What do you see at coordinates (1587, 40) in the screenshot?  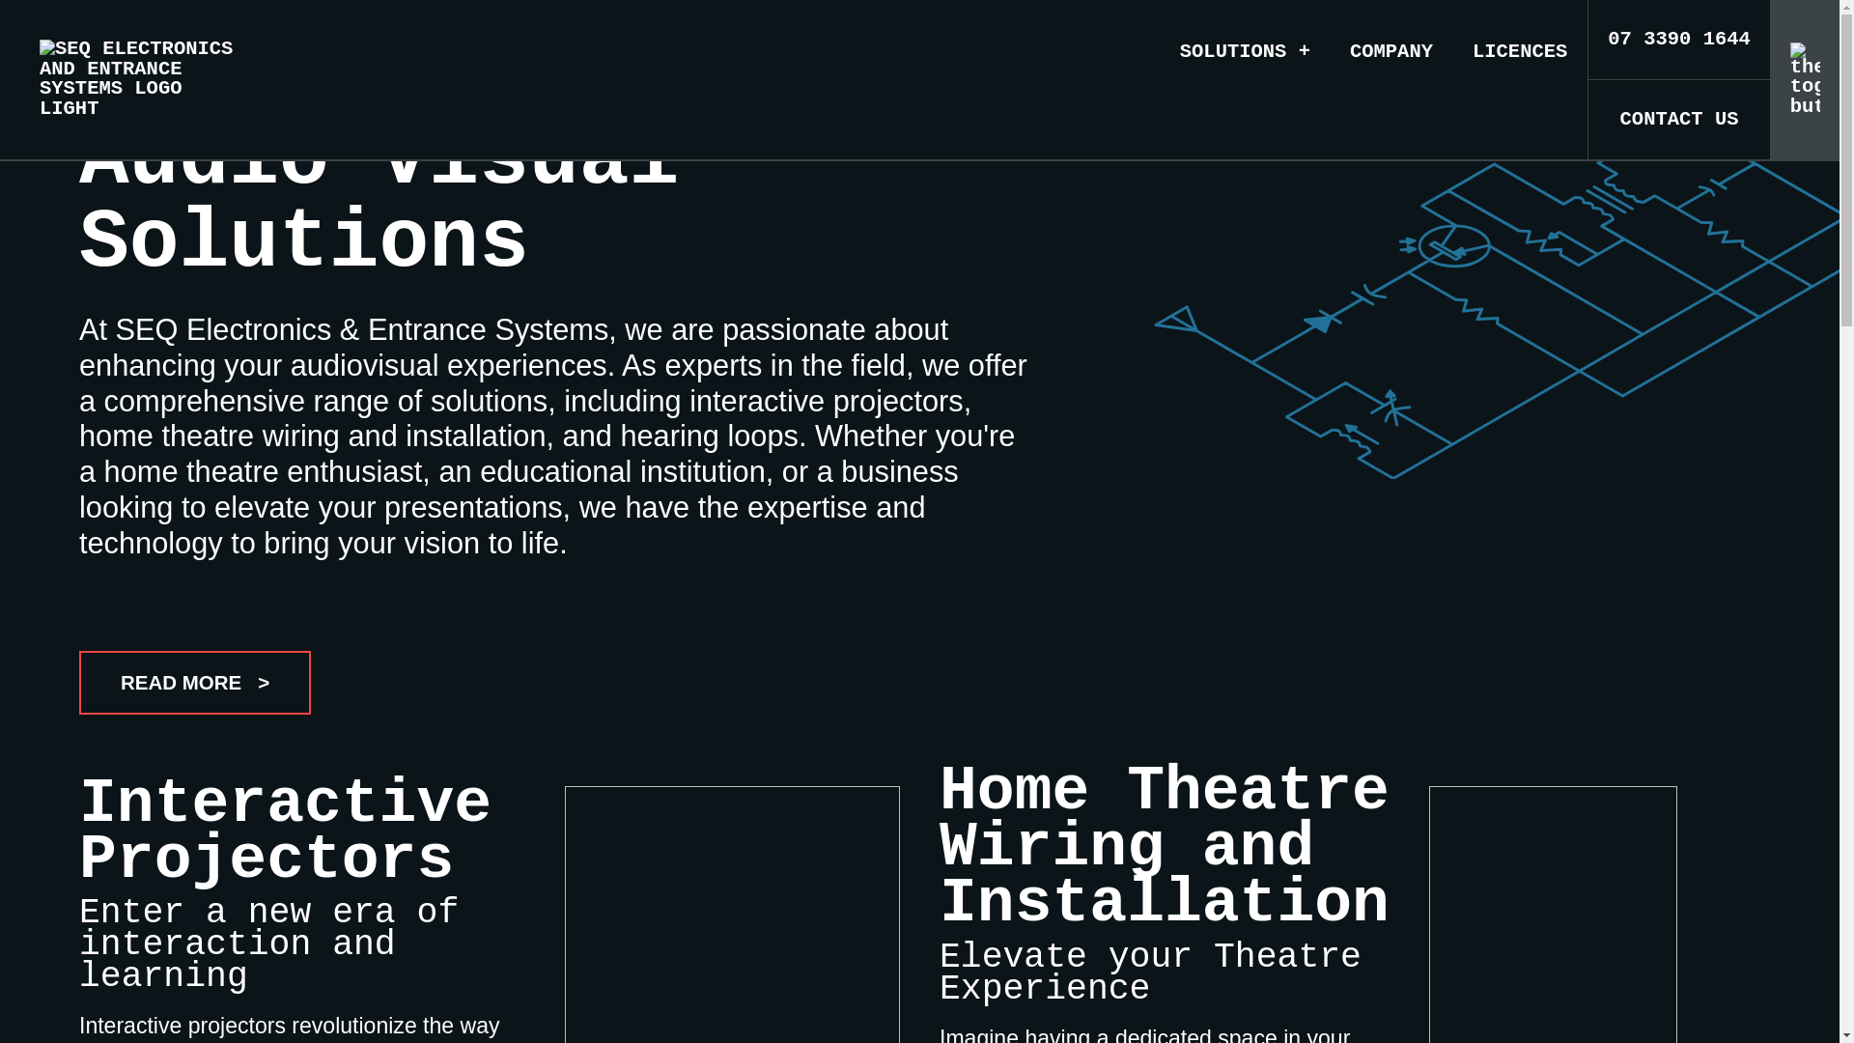 I see `'07 3390 1644'` at bounding box center [1587, 40].